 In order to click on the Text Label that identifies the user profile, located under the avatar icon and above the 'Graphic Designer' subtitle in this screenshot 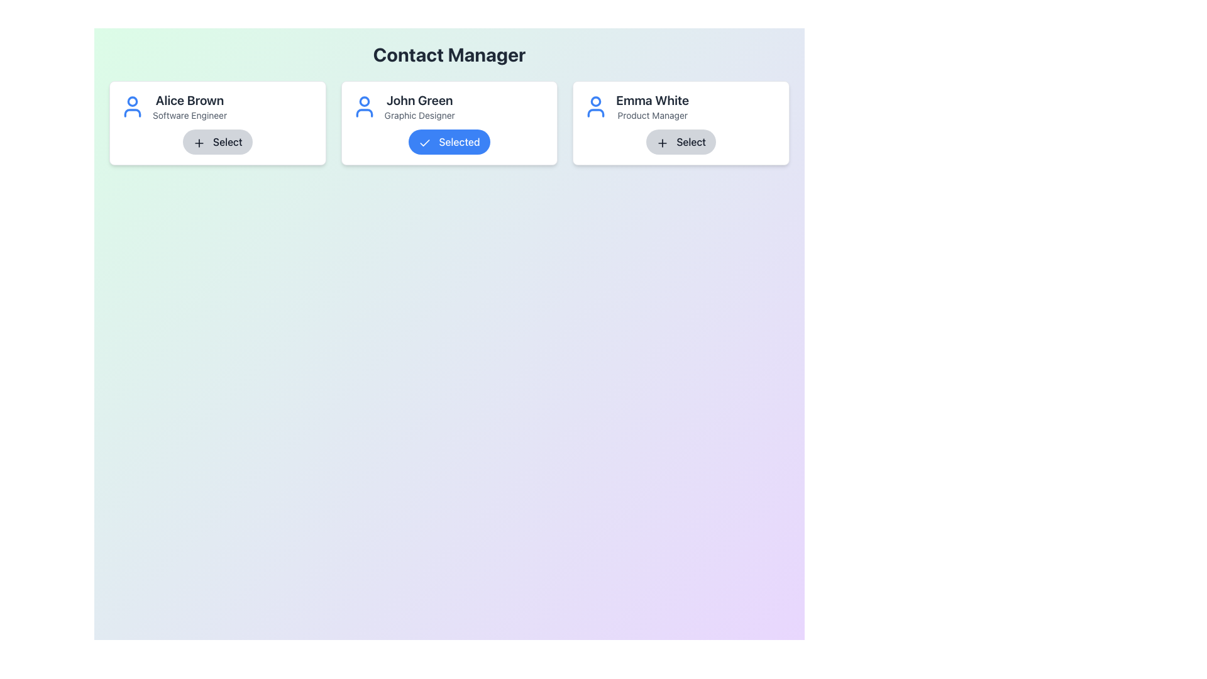, I will do `click(419, 99)`.